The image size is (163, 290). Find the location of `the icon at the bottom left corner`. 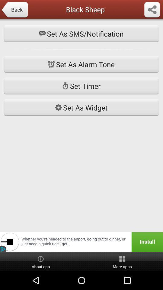

the icon at the bottom left corner is located at coordinates (41, 261).